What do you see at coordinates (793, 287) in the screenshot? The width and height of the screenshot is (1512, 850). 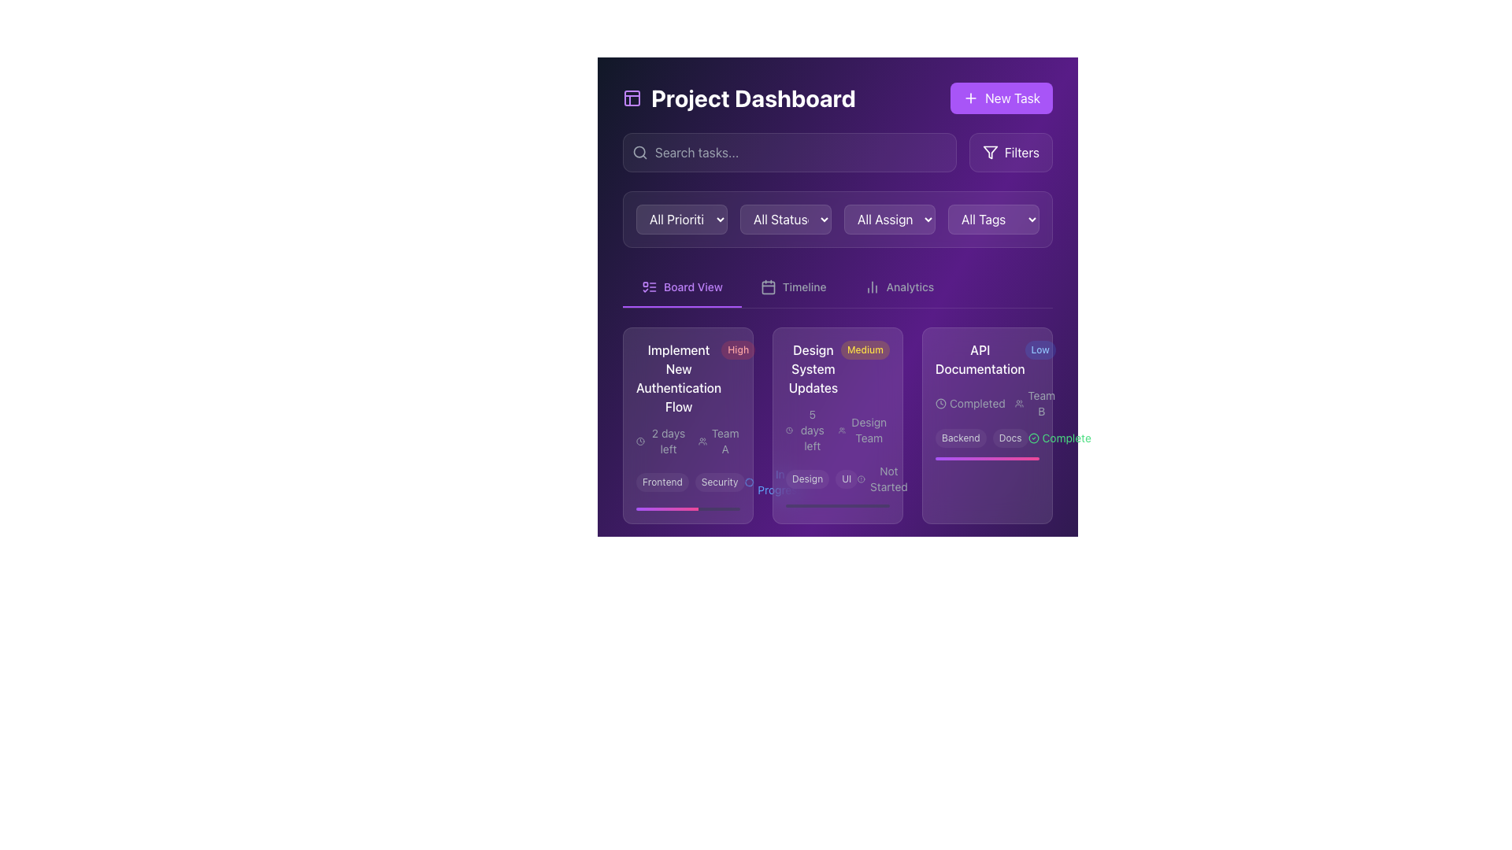 I see `the Navigation Button with the calendar icon and the text 'Timeline', located in the navigation bar between 'Board View' and 'Analytics'` at bounding box center [793, 287].